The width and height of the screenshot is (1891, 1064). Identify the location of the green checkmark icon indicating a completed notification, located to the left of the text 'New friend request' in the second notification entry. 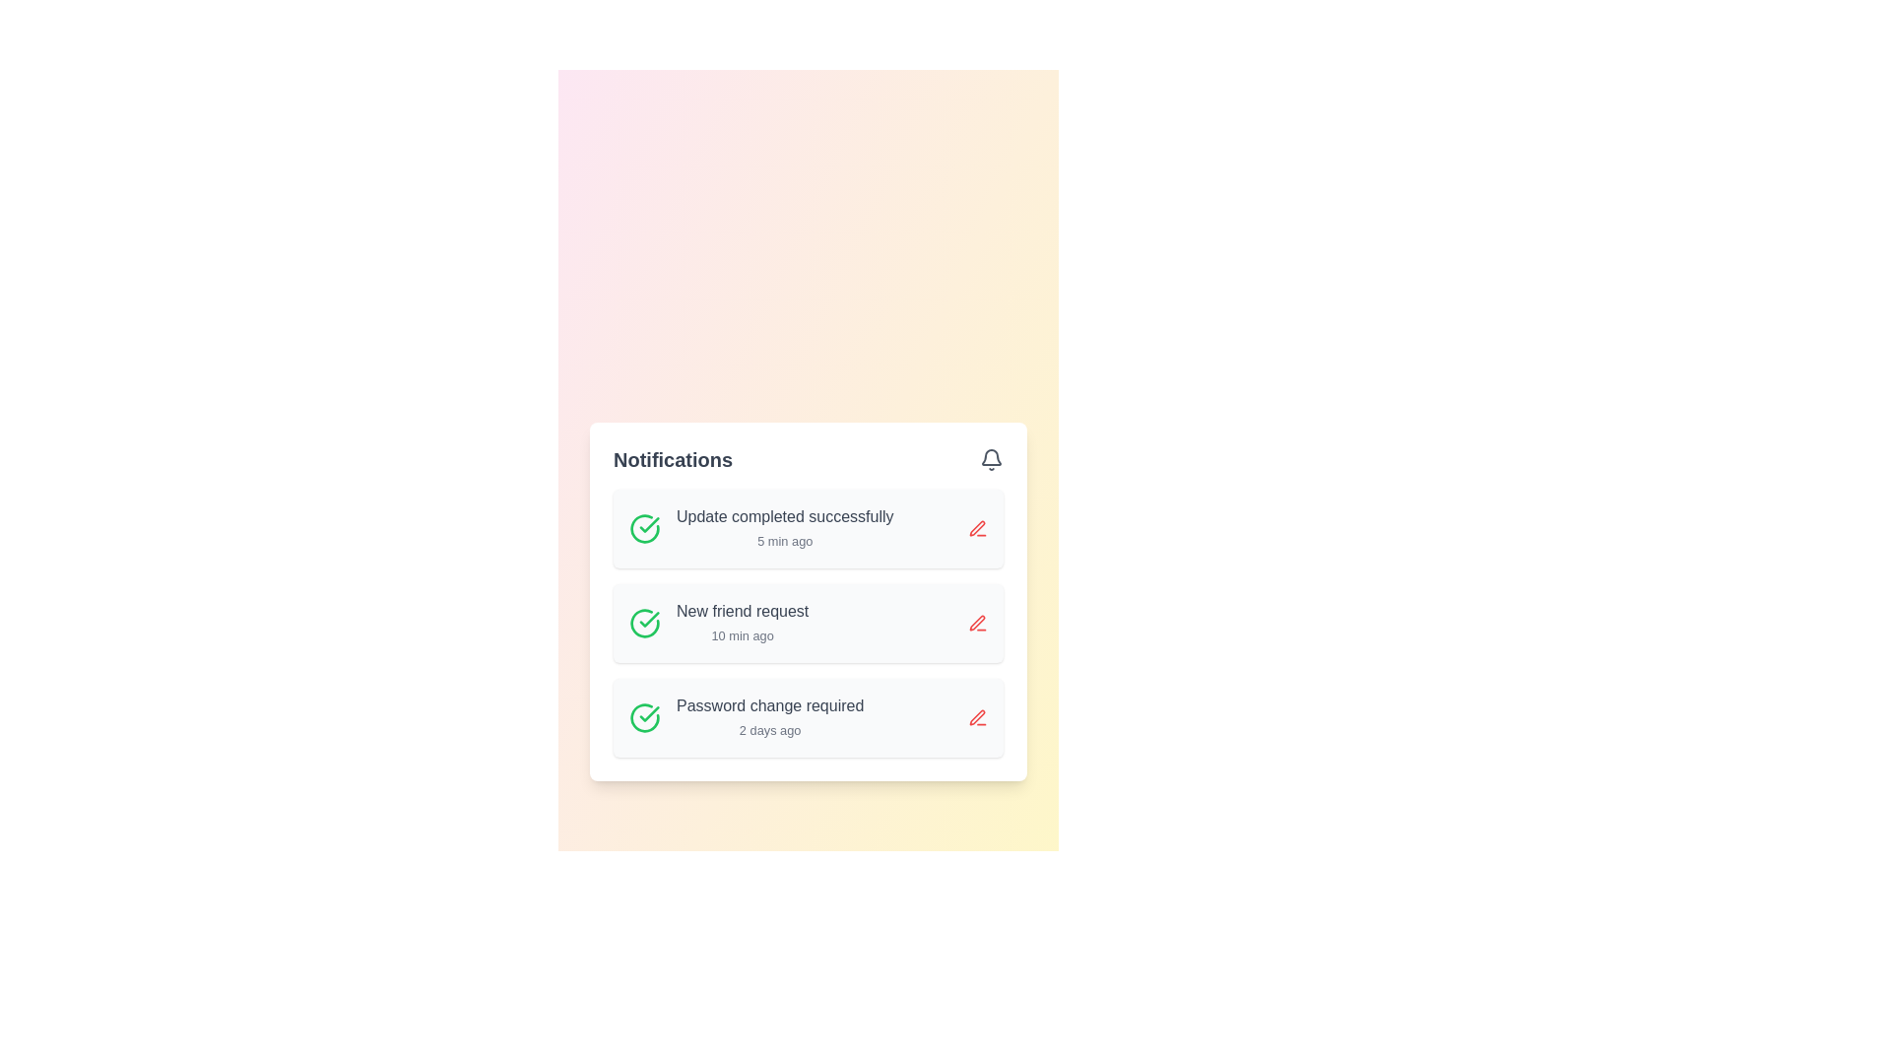
(644, 623).